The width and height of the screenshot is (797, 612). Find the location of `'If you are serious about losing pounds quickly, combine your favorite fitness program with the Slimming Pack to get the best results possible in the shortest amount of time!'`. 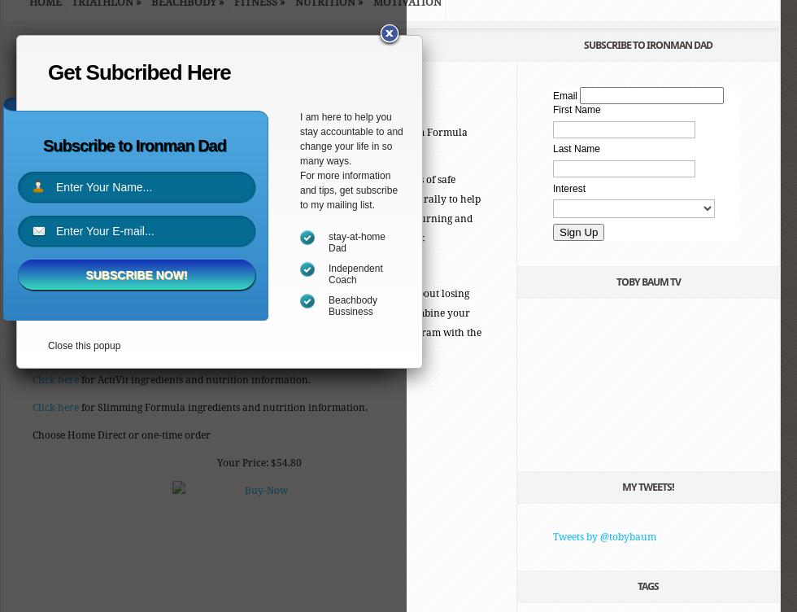

'If you are serious about losing pounds quickly, combine your favorite fitness program with the Slimming Pack to get the best results possible in the shortest amount of time!' is located at coordinates (256, 322).